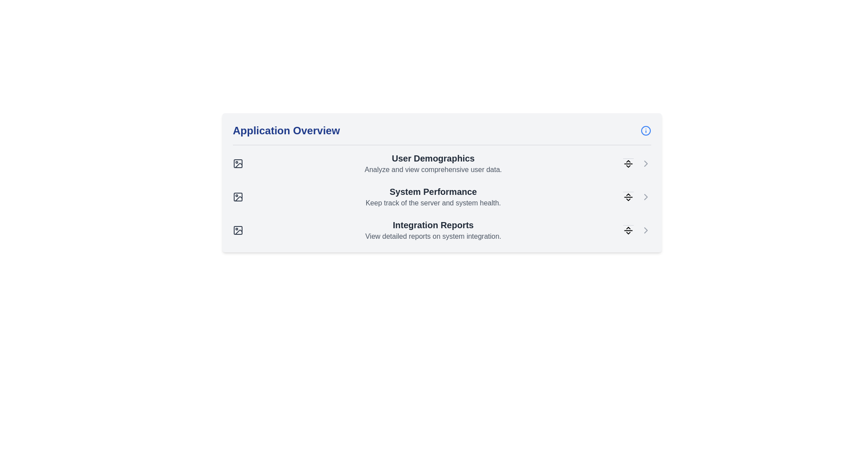 Image resolution: width=842 pixels, height=474 pixels. I want to click on the descriptive text label positioned below the 'User Demographics' header, which provides additional information about the section, so click(433, 169).